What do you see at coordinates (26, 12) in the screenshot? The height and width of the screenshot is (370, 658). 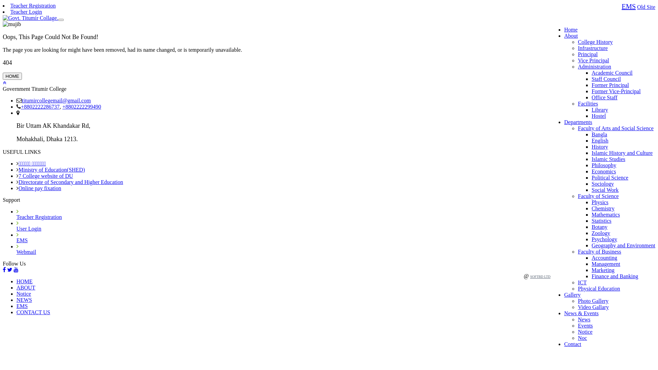 I see `'Teacher Login'` at bounding box center [26, 12].